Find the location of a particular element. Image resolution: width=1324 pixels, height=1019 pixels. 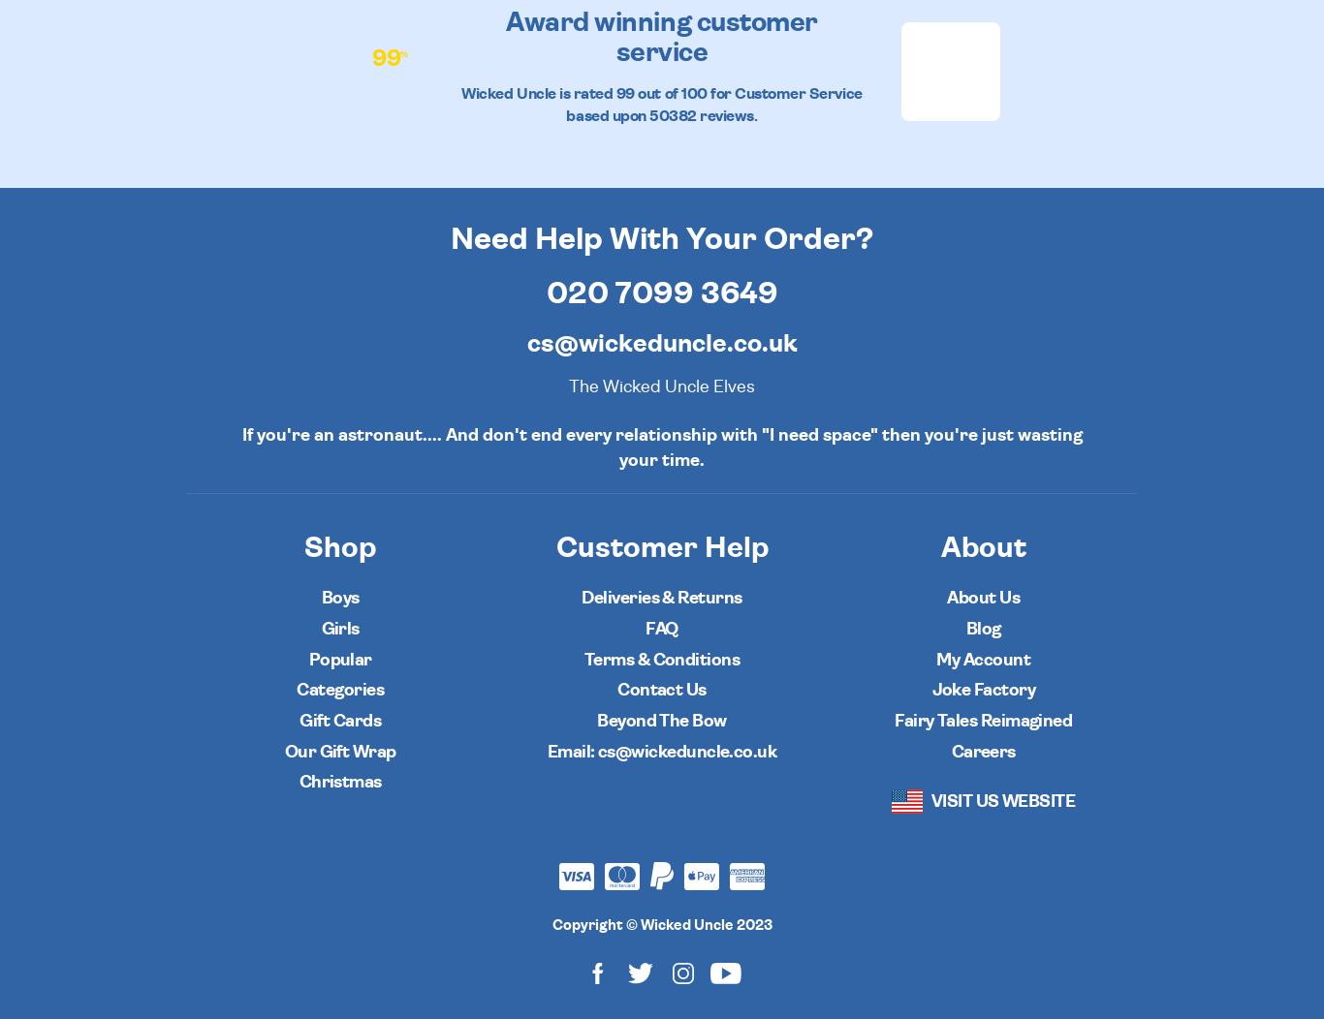

'Christmas' is located at coordinates (299, 783).